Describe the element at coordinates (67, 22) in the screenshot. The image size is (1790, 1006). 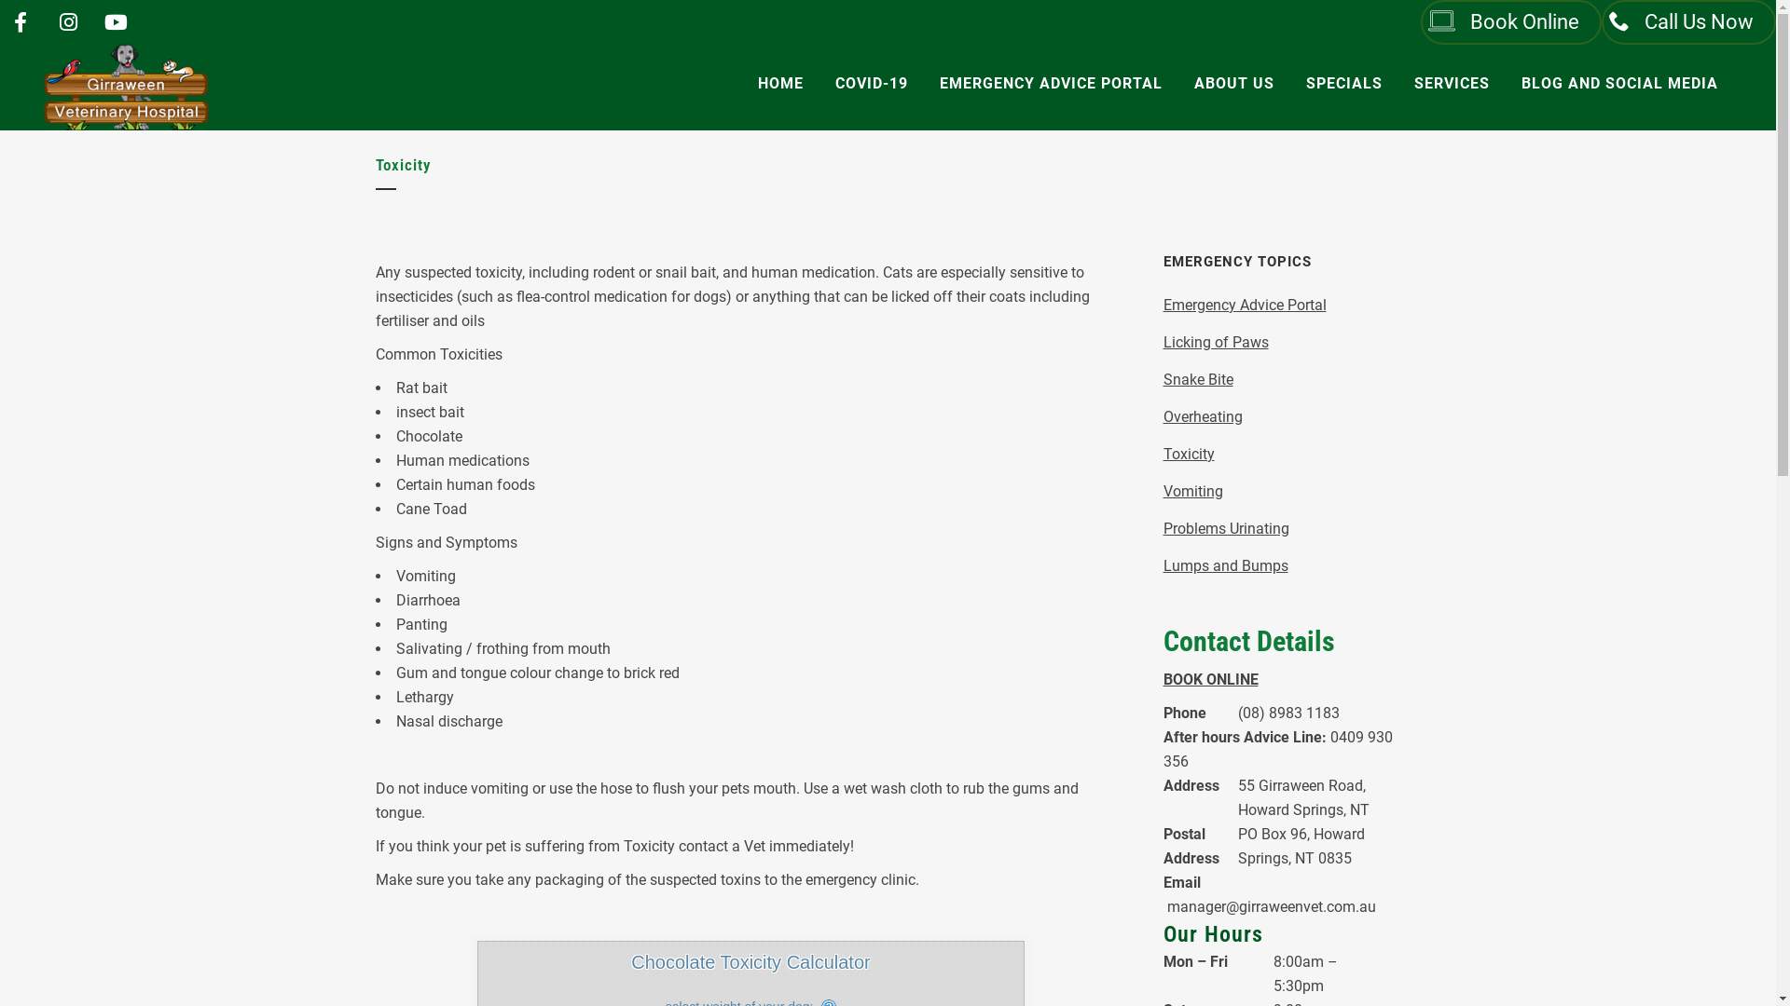
I see `'Girraween Veterinary Hospital on Instagram'` at that location.